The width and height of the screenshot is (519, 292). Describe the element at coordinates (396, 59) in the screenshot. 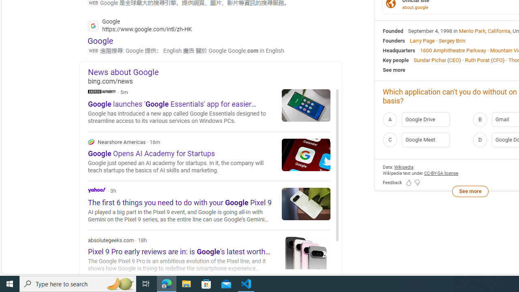

I see `'Key people'` at that location.